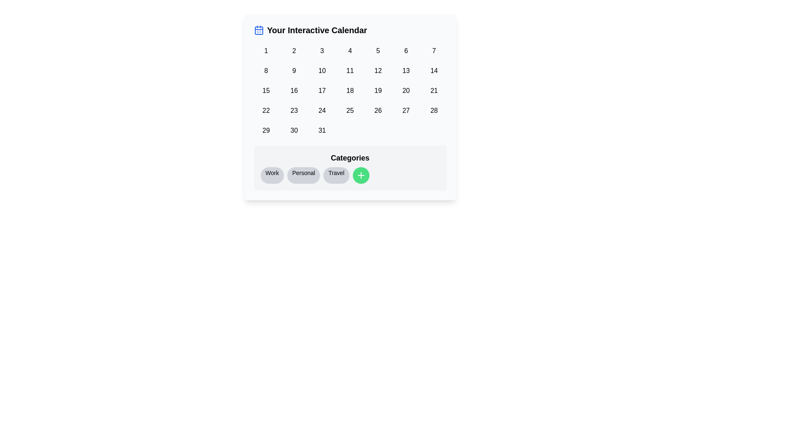  Describe the element at coordinates (350, 168) in the screenshot. I see `the round green button with a white plus sign` at that location.